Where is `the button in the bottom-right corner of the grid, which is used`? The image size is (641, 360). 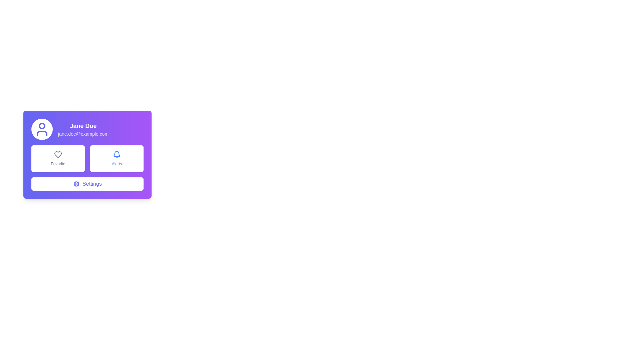
the button in the bottom-right corner of the grid, which is used is located at coordinates (117, 158).